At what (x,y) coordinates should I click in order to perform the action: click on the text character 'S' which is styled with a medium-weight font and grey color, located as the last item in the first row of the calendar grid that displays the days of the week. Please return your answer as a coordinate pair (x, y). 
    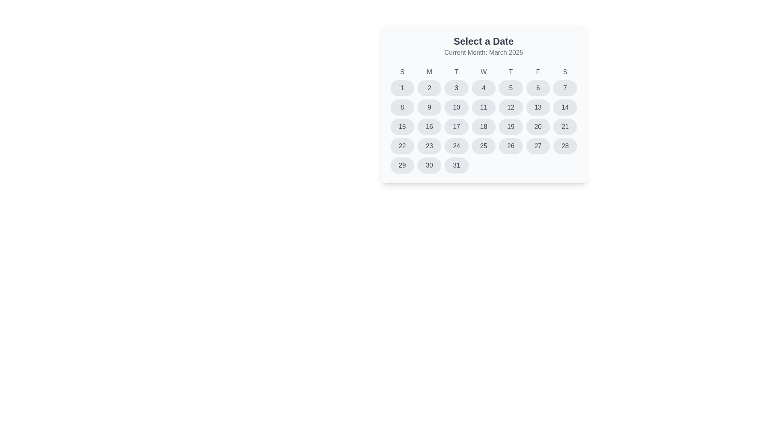
    Looking at the image, I should click on (564, 71).